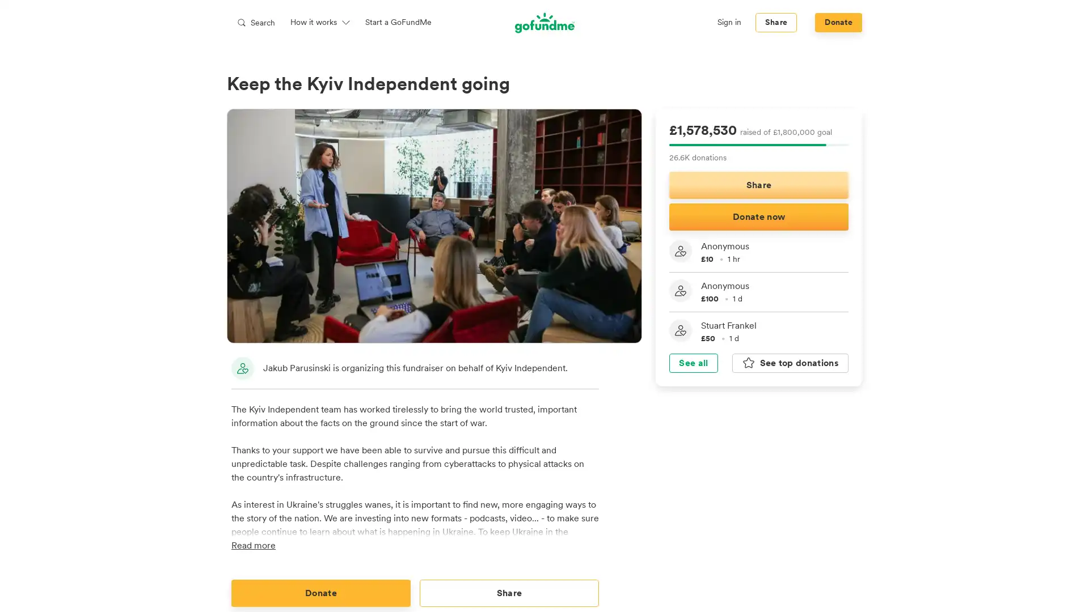 The image size is (1089, 612). What do you see at coordinates (255, 22) in the screenshot?
I see `Search` at bounding box center [255, 22].